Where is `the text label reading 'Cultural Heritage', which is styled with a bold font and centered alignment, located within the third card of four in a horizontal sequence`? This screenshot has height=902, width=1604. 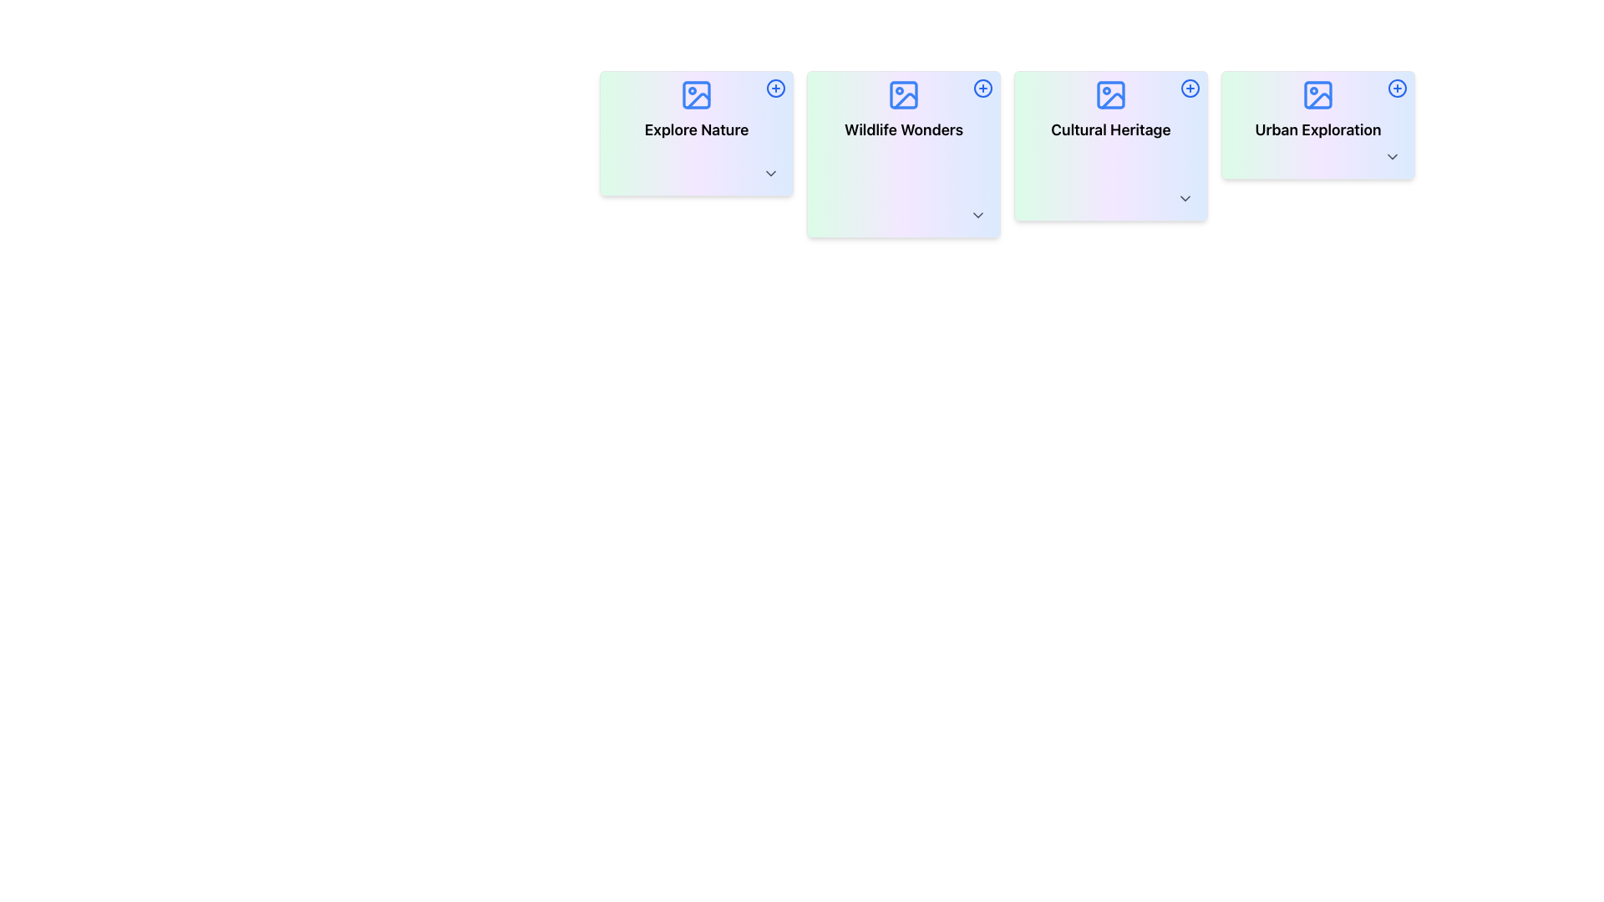
the text label reading 'Cultural Heritage', which is styled with a bold font and centered alignment, located within the third card of four in a horizontal sequence is located at coordinates (1110, 129).